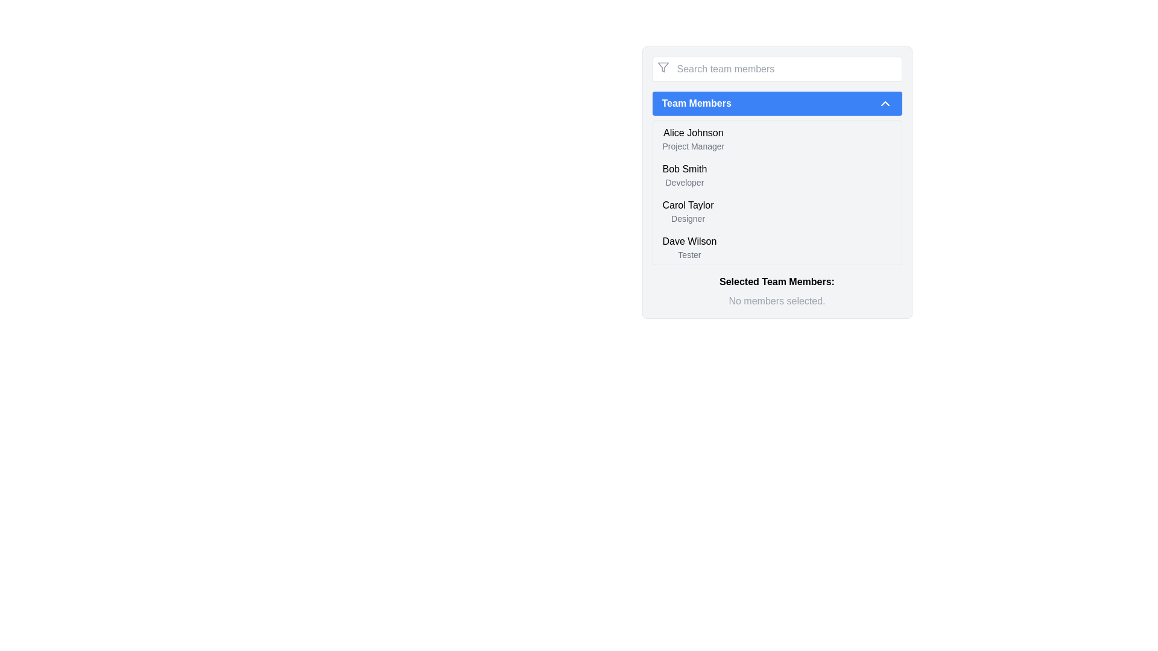  Describe the element at coordinates (777, 183) in the screenshot. I see `the Text Label representing the second team member in the list, located between 'Alice Johnson, Project Manager' and 'Carol Taylor, Designer'` at that location.